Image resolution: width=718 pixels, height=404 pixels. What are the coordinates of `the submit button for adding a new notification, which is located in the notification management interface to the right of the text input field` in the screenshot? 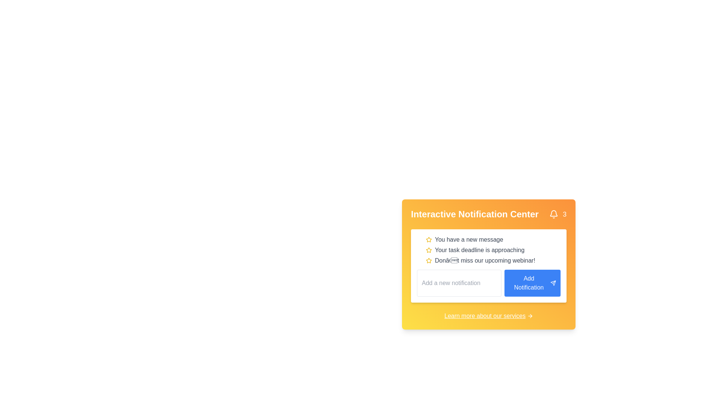 It's located at (532, 283).